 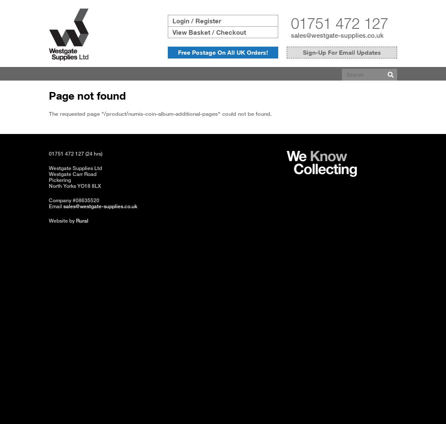 What do you see at coordinates (73, 174) in the screenshot?
I see `'Westgate Carr Road'` at bounding box center [73, 174].